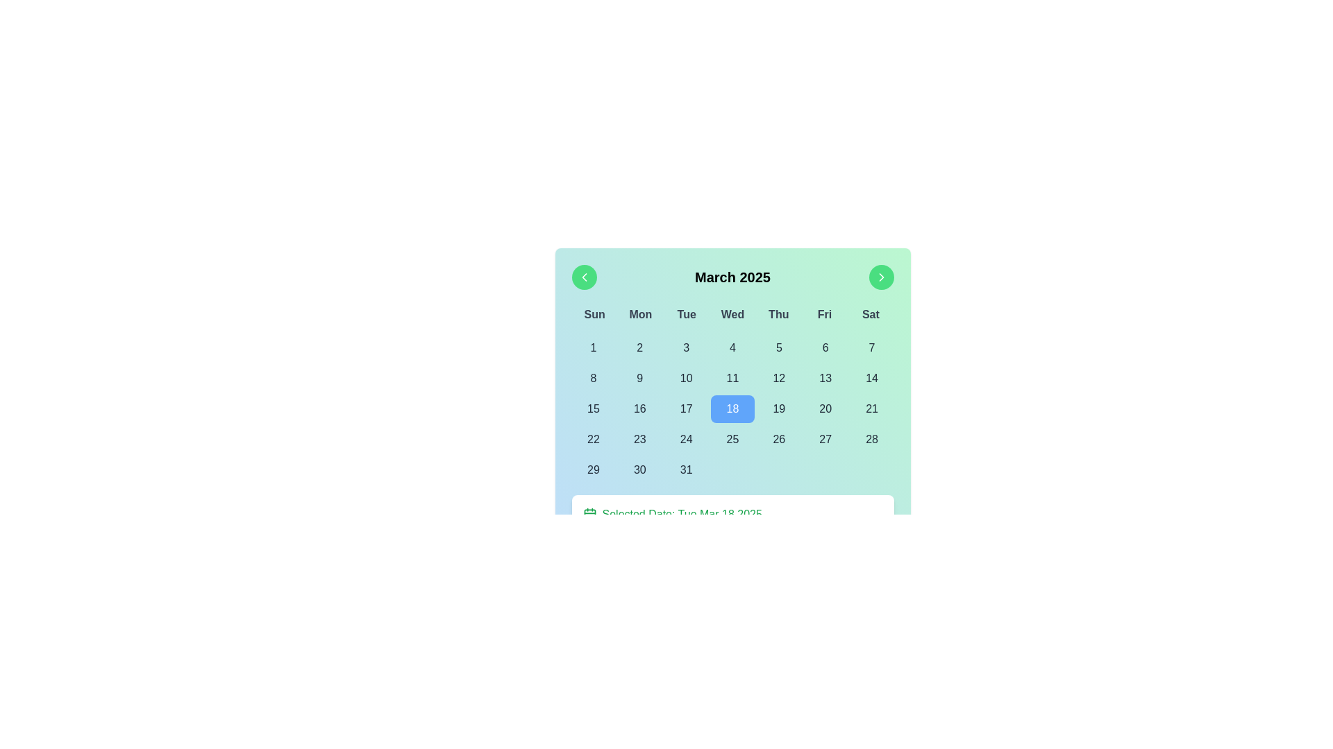  I want to click on the date button representing the 7th of the month, so click(871, 347).